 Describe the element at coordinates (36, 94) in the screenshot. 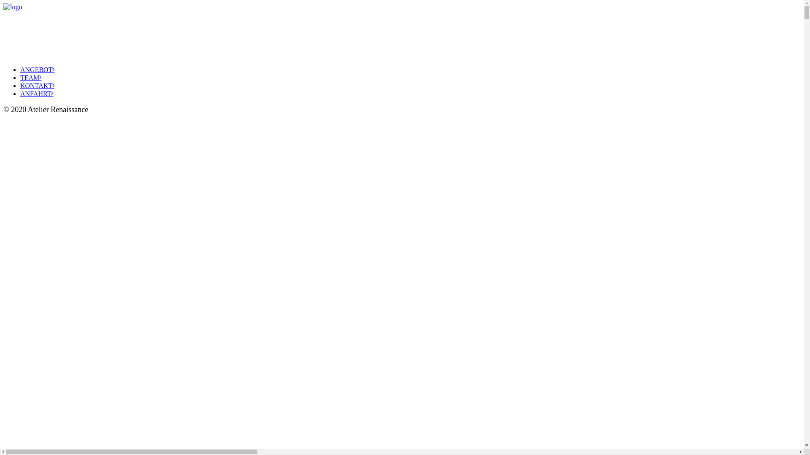

I see `'ANFAHRT'` at that location.